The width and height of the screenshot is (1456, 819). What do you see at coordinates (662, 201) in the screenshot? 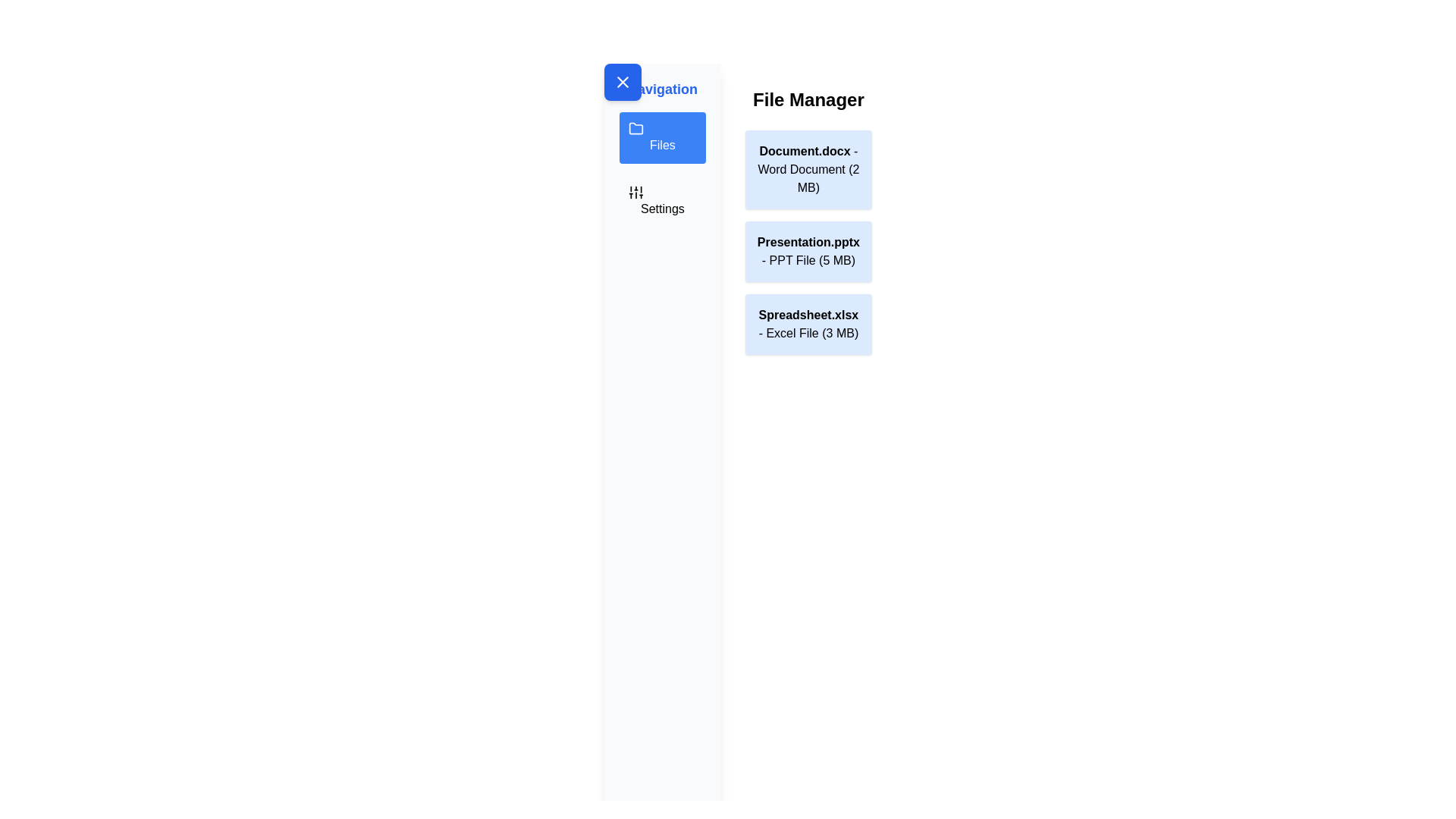
I see `the 'Settings' Nav Button located in the left navigation menu, positioned directly below the 'Files' button` at bounding box center [662, 201].